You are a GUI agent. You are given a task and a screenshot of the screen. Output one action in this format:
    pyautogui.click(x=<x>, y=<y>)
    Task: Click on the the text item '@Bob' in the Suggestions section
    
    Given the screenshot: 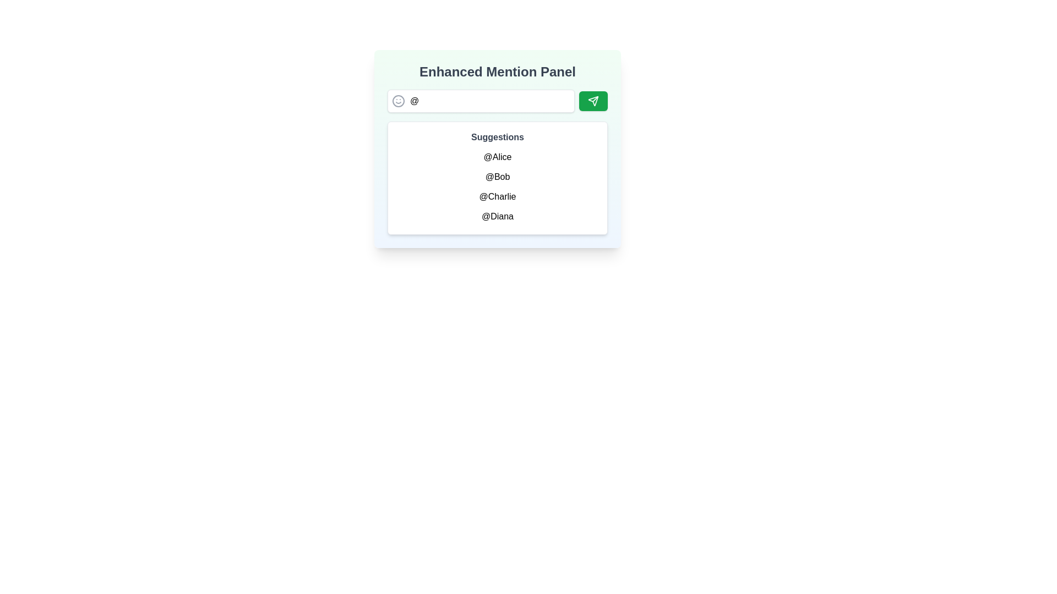 What is the action you would take?
    pyautogui.click(x=497, y=176)
    